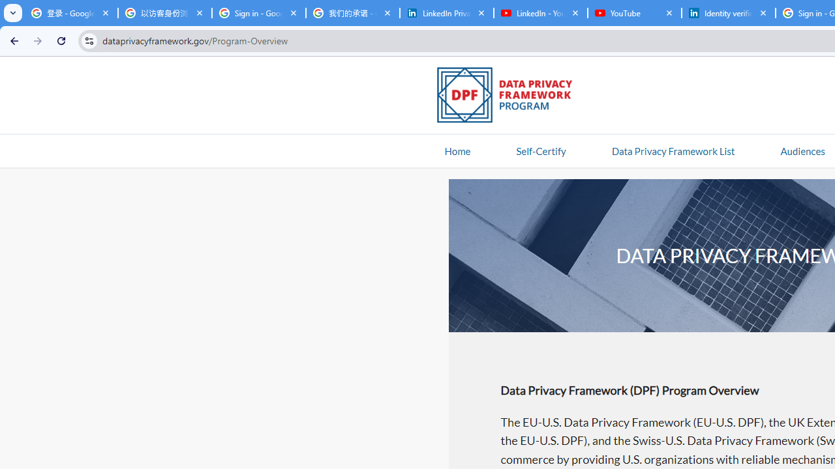 The height and width of the screenshot is (469, 835). Describe the element at coordinates (457, 150) in the screenshot. I see `'Home'` at that location.